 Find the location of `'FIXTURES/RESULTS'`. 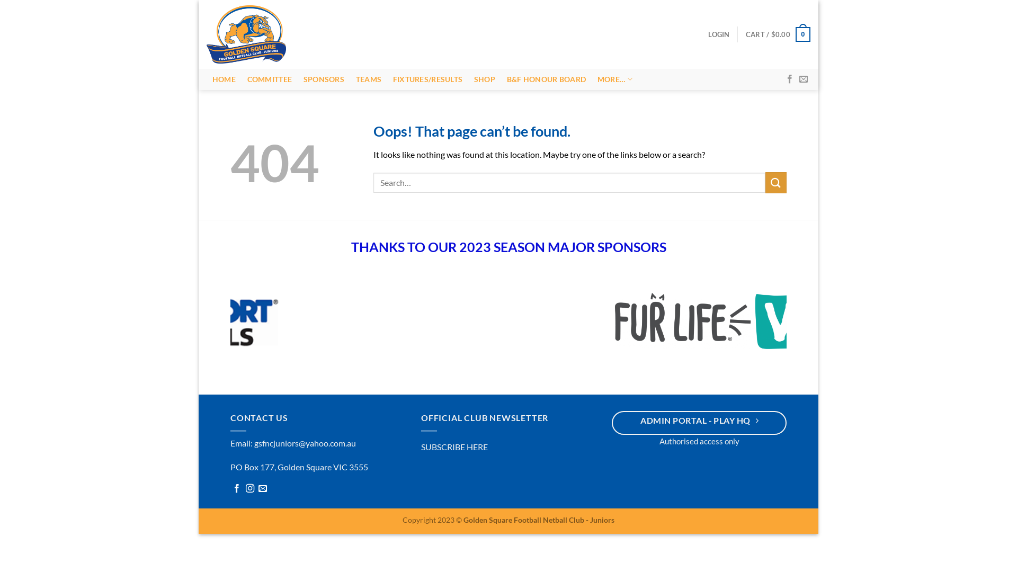

'FIXTURES/RESULTS' is located at coordinates (386, 79).